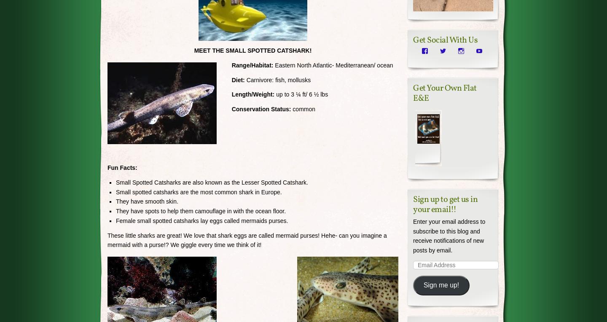  What do you see at coordinates (250, 65) in the screenshot?
I see `'Range/Habitat:'` at bounding box center [250, 65].